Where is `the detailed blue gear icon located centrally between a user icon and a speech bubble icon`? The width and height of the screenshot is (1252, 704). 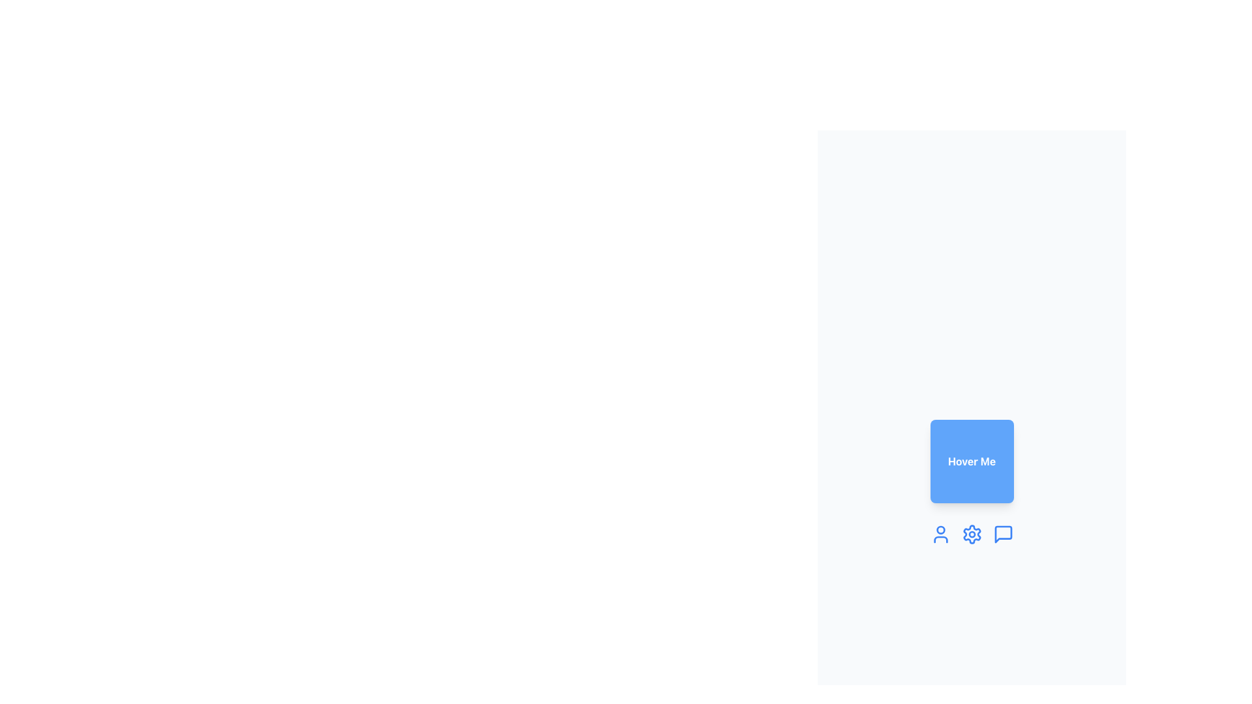 the detailed blue gear icon located centrally between a user icon and a speech bubble icon is located at coordinates (972, 535).